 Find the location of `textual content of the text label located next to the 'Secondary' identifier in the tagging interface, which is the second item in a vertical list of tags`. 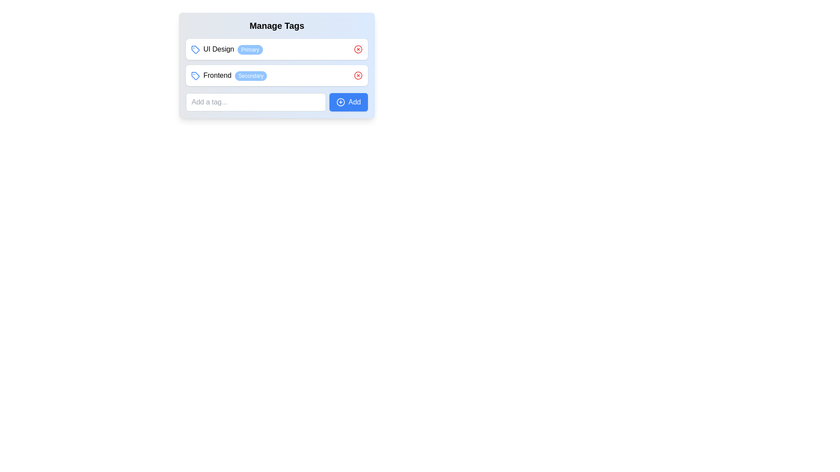

textual content of the text label located next to the 'Secondary' identifier in the tagging interface, which is the second item in a vertical list of tags is located at coordinates (217, 75).